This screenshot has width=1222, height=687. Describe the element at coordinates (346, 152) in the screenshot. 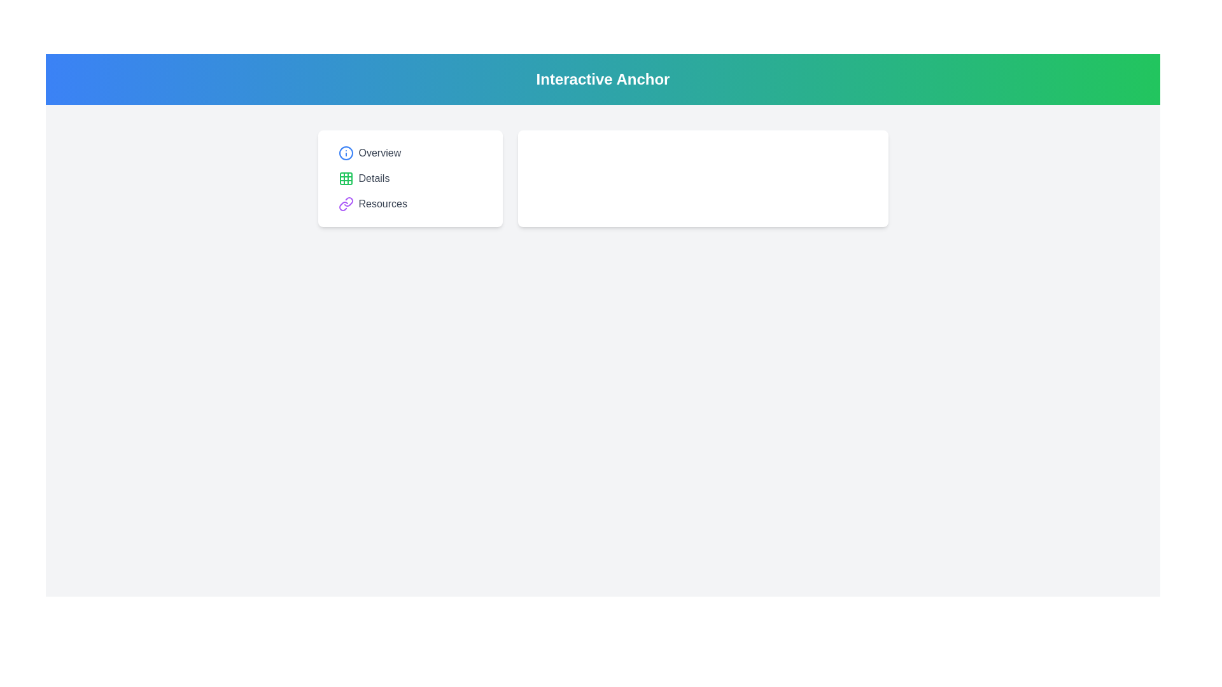

I see `the information indicator icon associated with the 'Overview' item in the leftmost list of a vertical card containing 'Overview', 'Details', and 'Resources'` at that location.